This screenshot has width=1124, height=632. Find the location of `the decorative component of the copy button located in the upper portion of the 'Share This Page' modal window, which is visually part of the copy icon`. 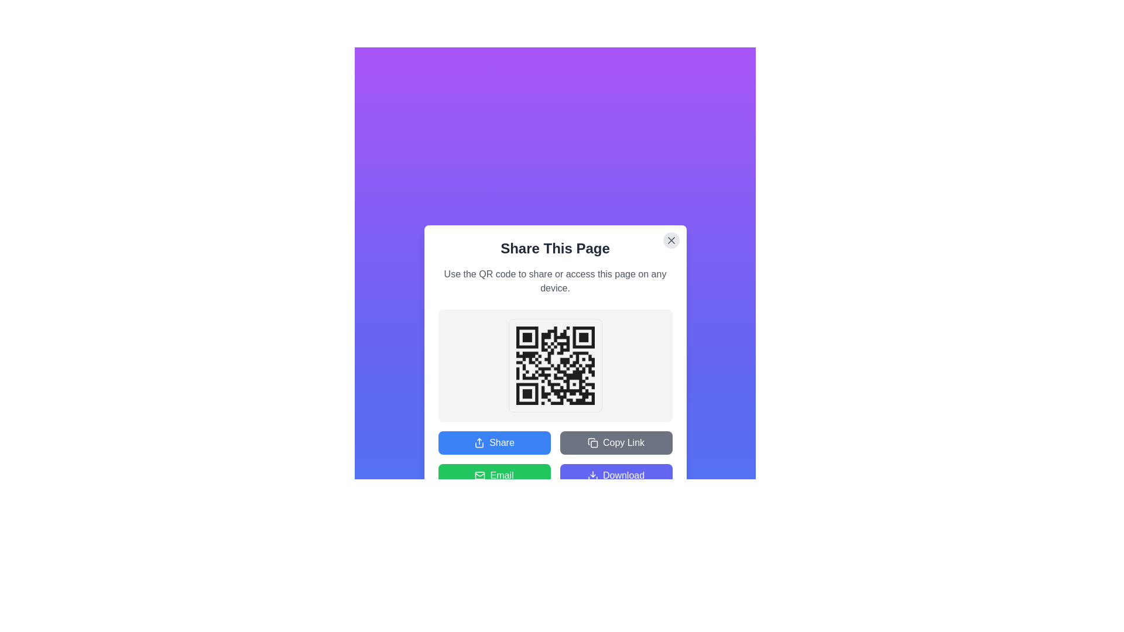

the decorative component of the copy button located in the upper portion of the 'Share This Page' modal window, which is visually part of the copy icon is located at coordinates (594, 444).